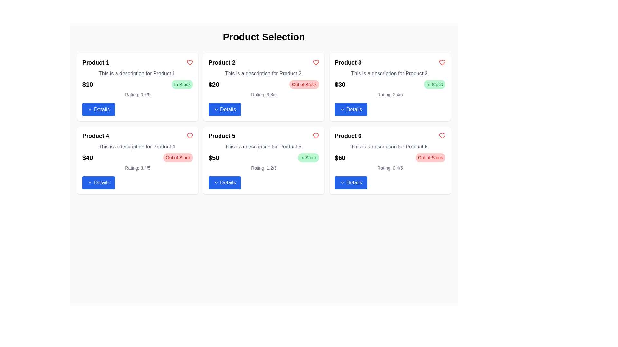 Image resolution: width=618 pixels, height=347 pixels. What do you see at coordinates (342, 183) in the screenshot?
I see `the collapsibility icon located to the right of the 'Details' text within the button below the 'Product 6' card` at bounding box center [342, 183].